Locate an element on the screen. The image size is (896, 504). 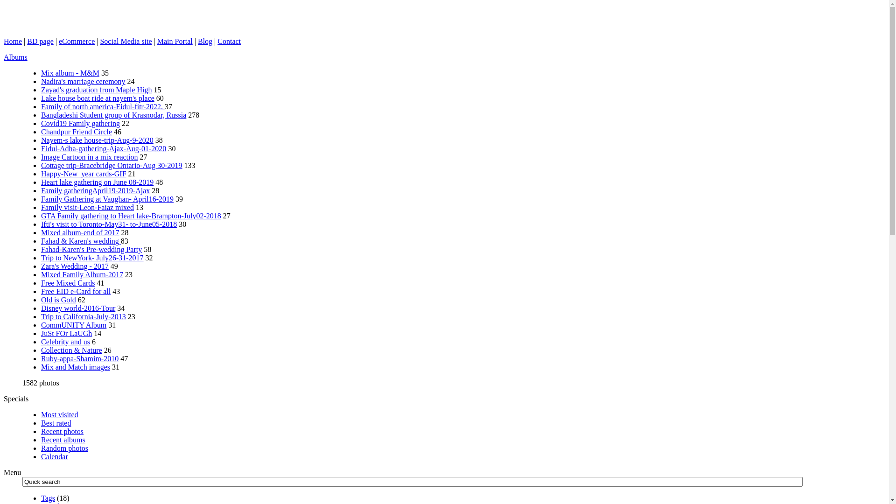
'Albums' is located at coordinates (15, 57).